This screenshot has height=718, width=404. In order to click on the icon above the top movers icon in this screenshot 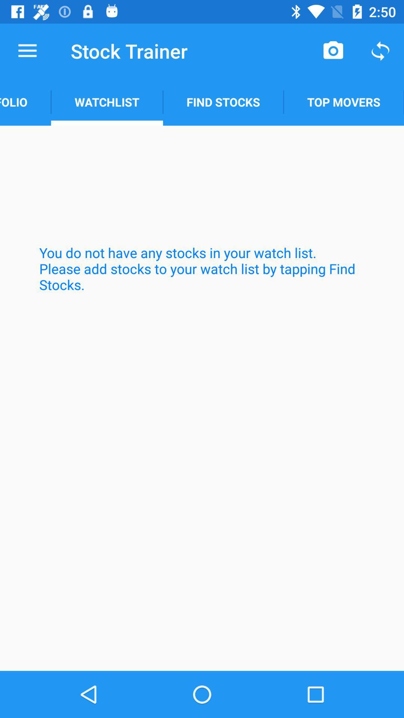, I will do `click(380, 50)`.